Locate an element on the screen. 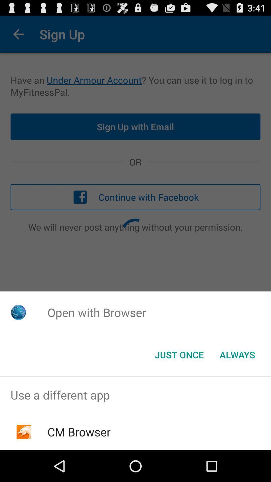 This screenshot has width=271, height=482. the item above cm browser icon is located at coordinates (135, 395).